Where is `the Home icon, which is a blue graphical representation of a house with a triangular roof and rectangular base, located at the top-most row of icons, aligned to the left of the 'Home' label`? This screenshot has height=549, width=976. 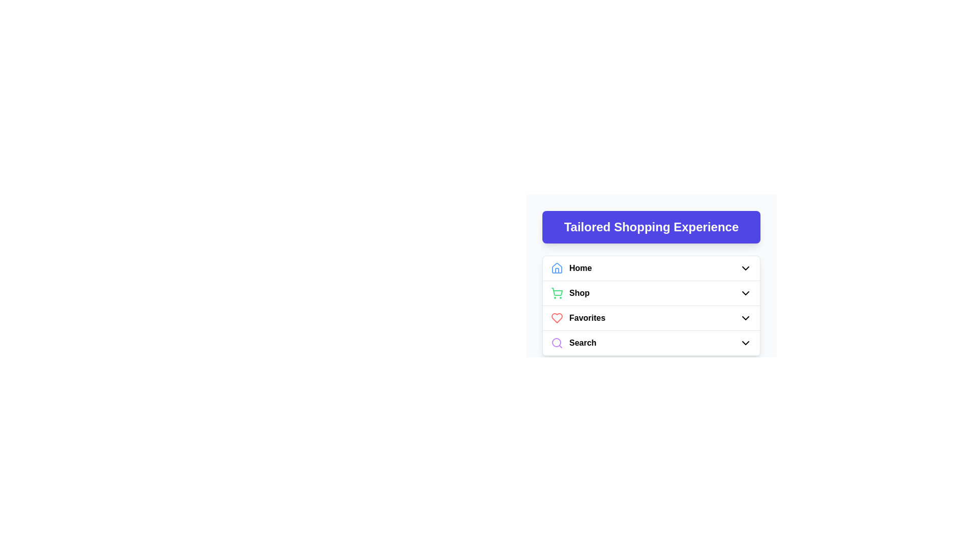
the Home icon, which is a blue graphical representation of a house with a triangular roof and rectangular base, located at the top-most row of icons, aligned to the left of the 'Home' label is located at coordinates (556, 267).